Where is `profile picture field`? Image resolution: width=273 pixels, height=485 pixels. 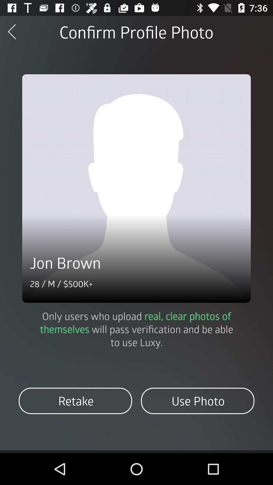
profile picture field is located at coordinates (136, 188).